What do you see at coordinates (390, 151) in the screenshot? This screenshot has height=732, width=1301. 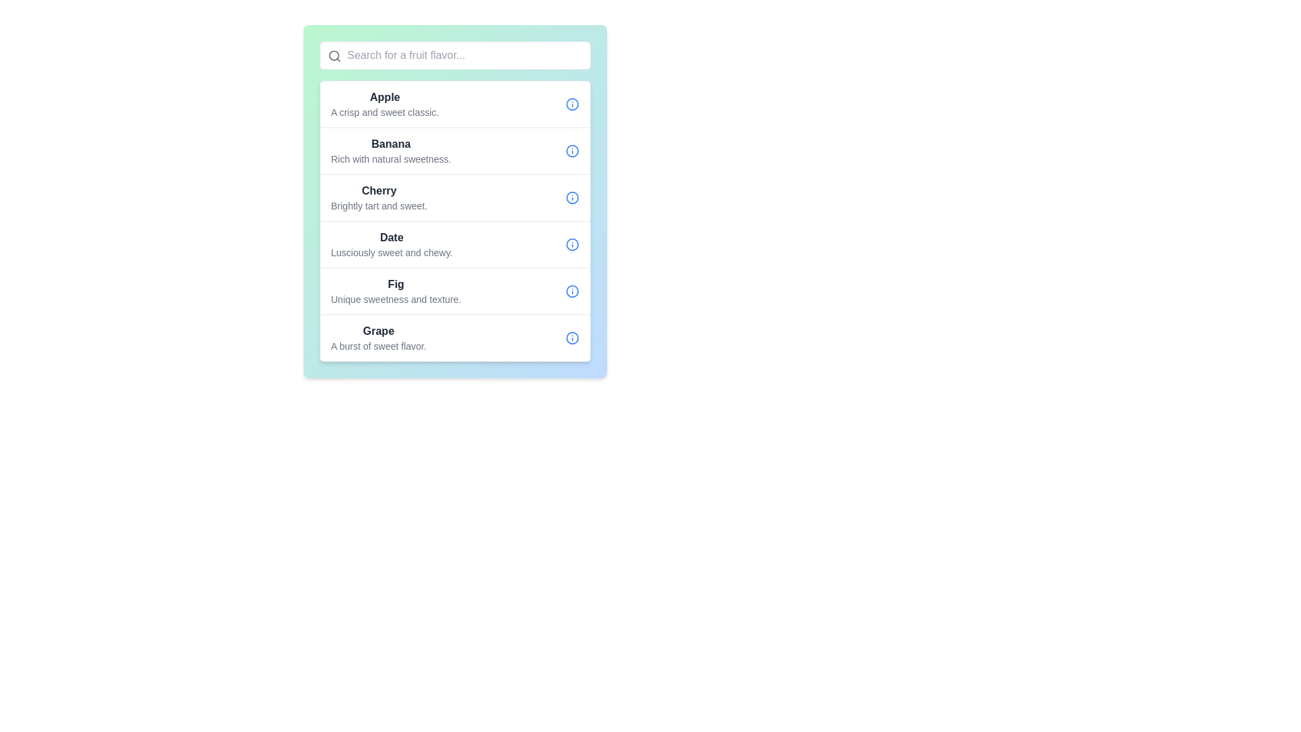 I see `the Text block that displays information about the fruit type, located below 'Apple' and above 'Cherry'` at bounding box center [390, 151].